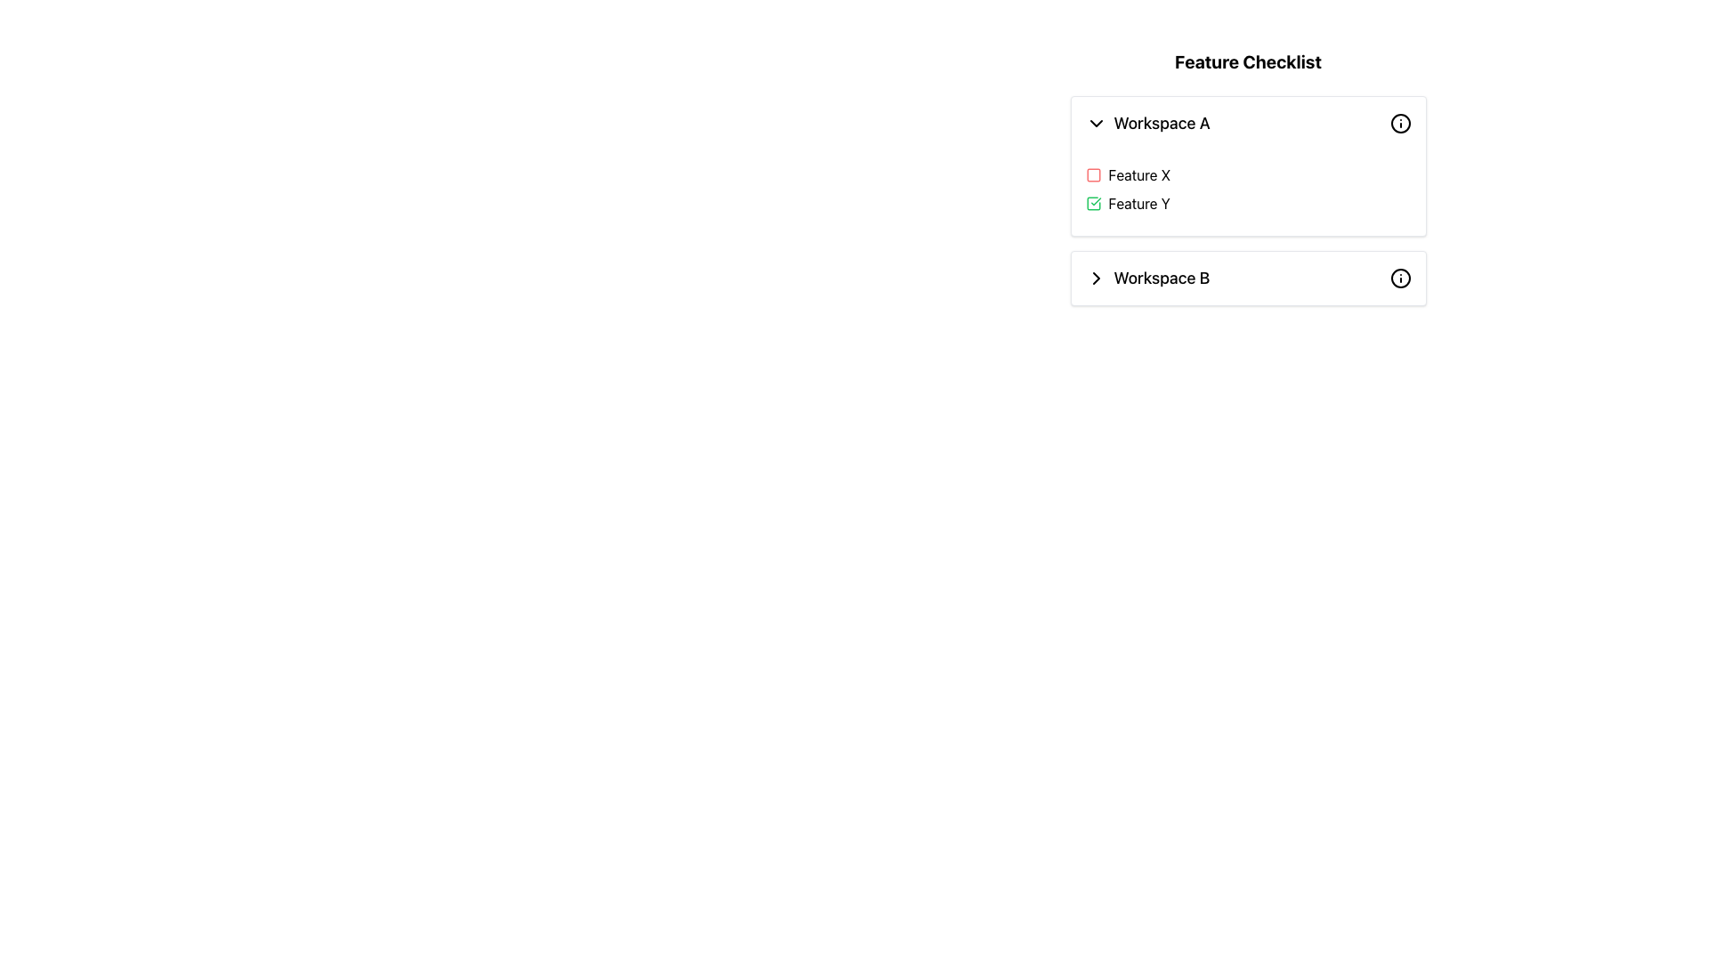 The image size is (1709, 961). I want to click on the List Item labeled 'Workspace B' which is styled with a bold font and has a right-facing chevron icon to the left and an information icon to the right, located in the Feature Checklist, so click(1147, 278).